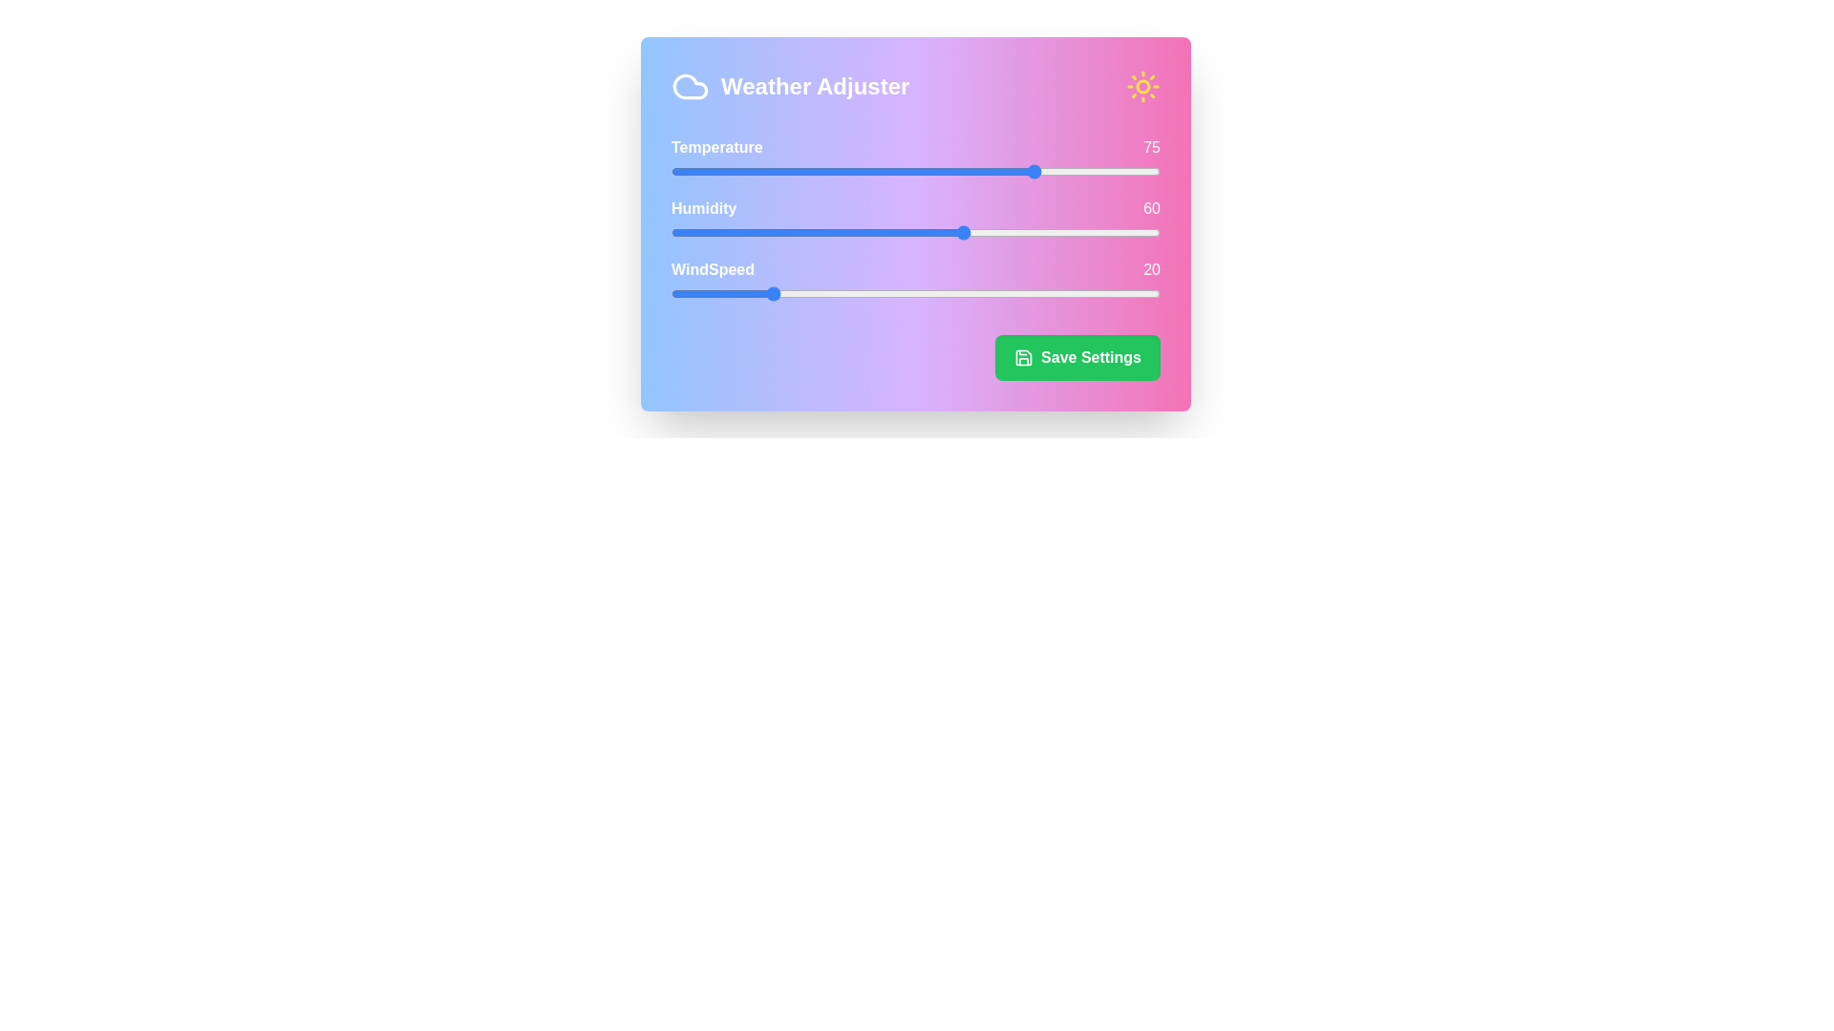 This screenshot has height=1031, width=1834. Describe the element at coordinates (915, 294) in the screenshot. I see `the knob of the third range slider in the Weather Adjuster interface` at that location.